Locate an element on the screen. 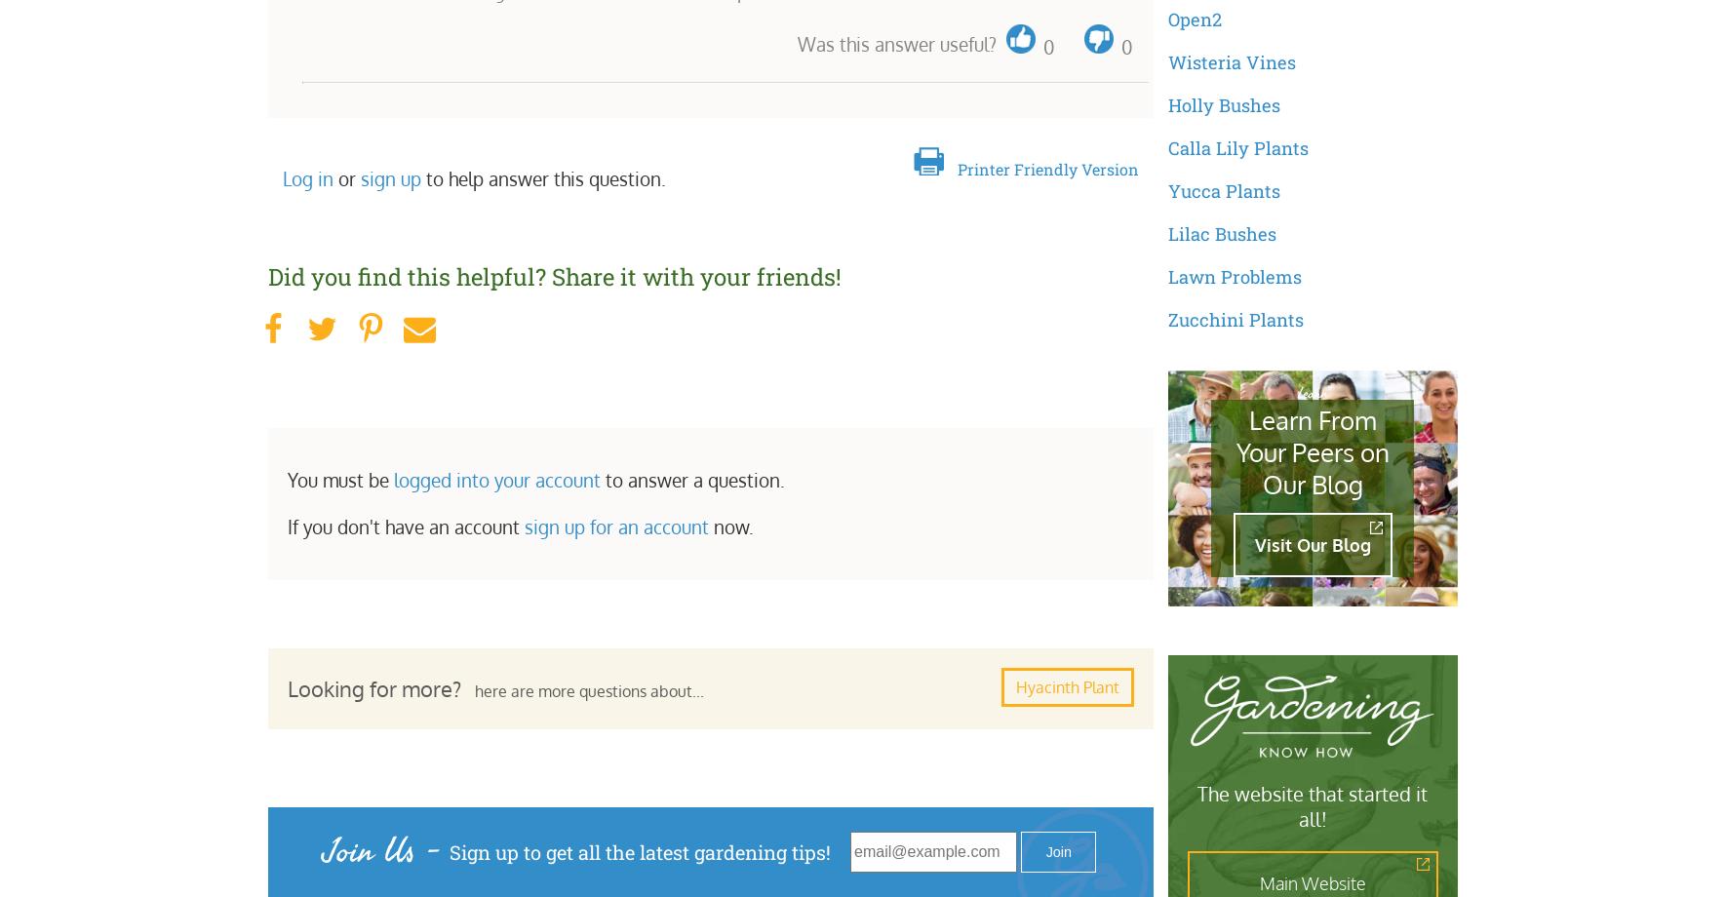 The height and width of the screenshot is (897, 1726). '-' is located at coordinates (425, 850).